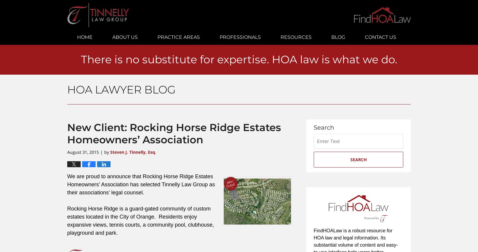 This screenshot has height=252, width=478. What do you see at coordinates (67, 220) in the screenshot?
I see `'Rocking Horse Ridge is a guard-gated community of custom estates located in the City of Orange.  Residents enjoy expansive views, tennis courts, a community pool, clubhouse, playground and park.'` at bounding box center [67, 220].